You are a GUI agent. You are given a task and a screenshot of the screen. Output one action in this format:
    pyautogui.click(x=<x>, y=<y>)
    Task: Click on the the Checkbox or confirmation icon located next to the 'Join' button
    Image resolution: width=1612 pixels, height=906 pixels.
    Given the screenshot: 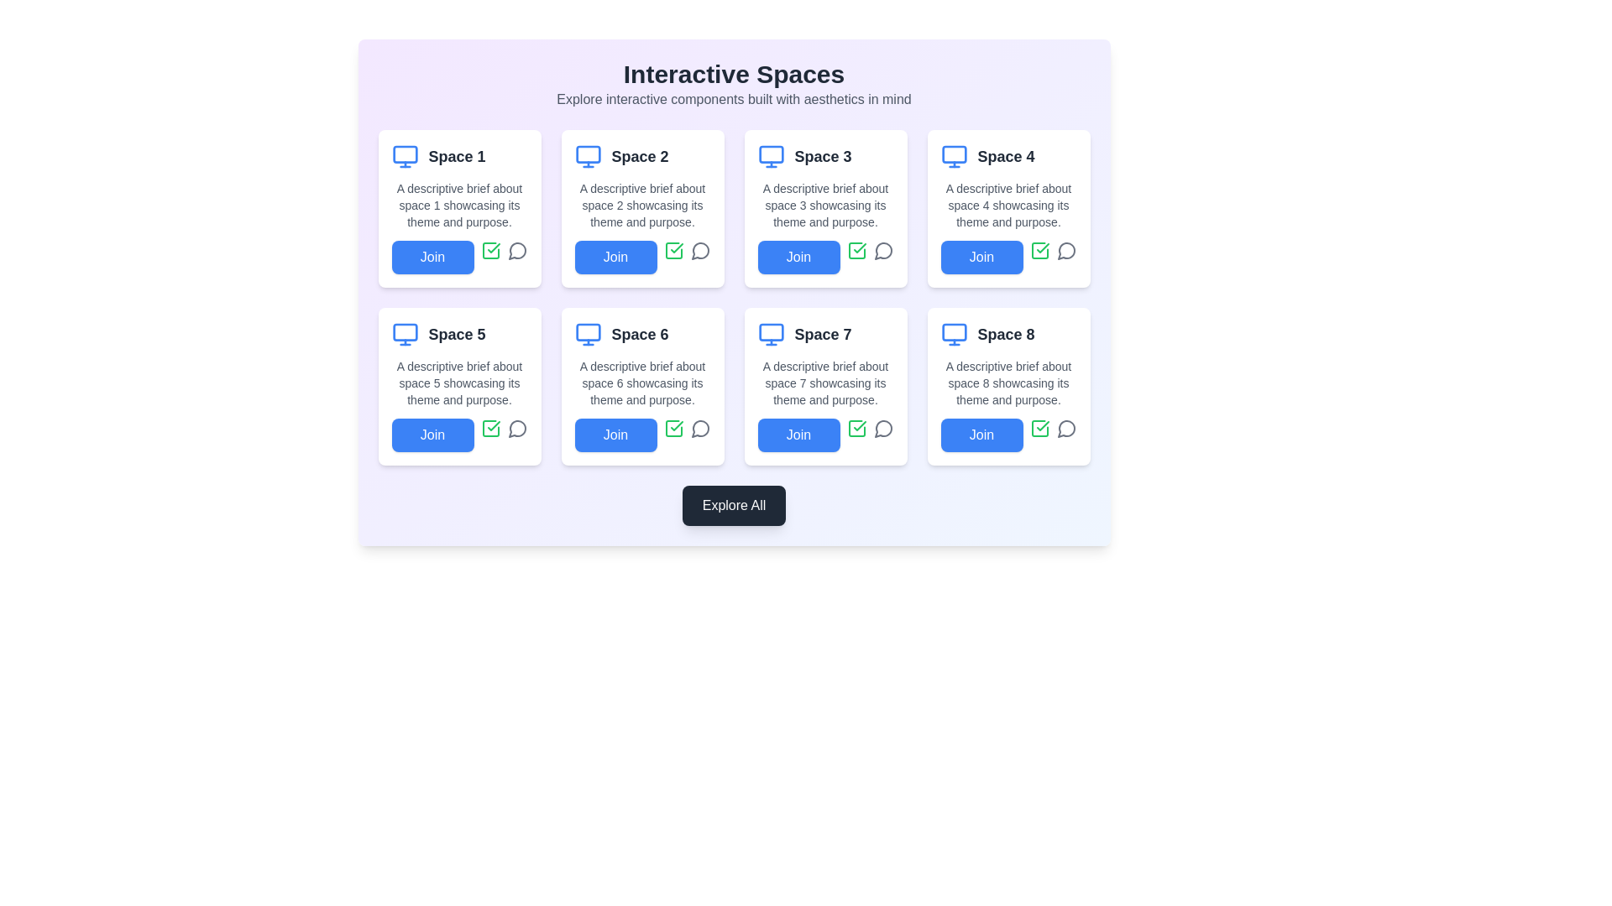 What is the action you would take?
    pyautogui.click(x=856, y=427)
    